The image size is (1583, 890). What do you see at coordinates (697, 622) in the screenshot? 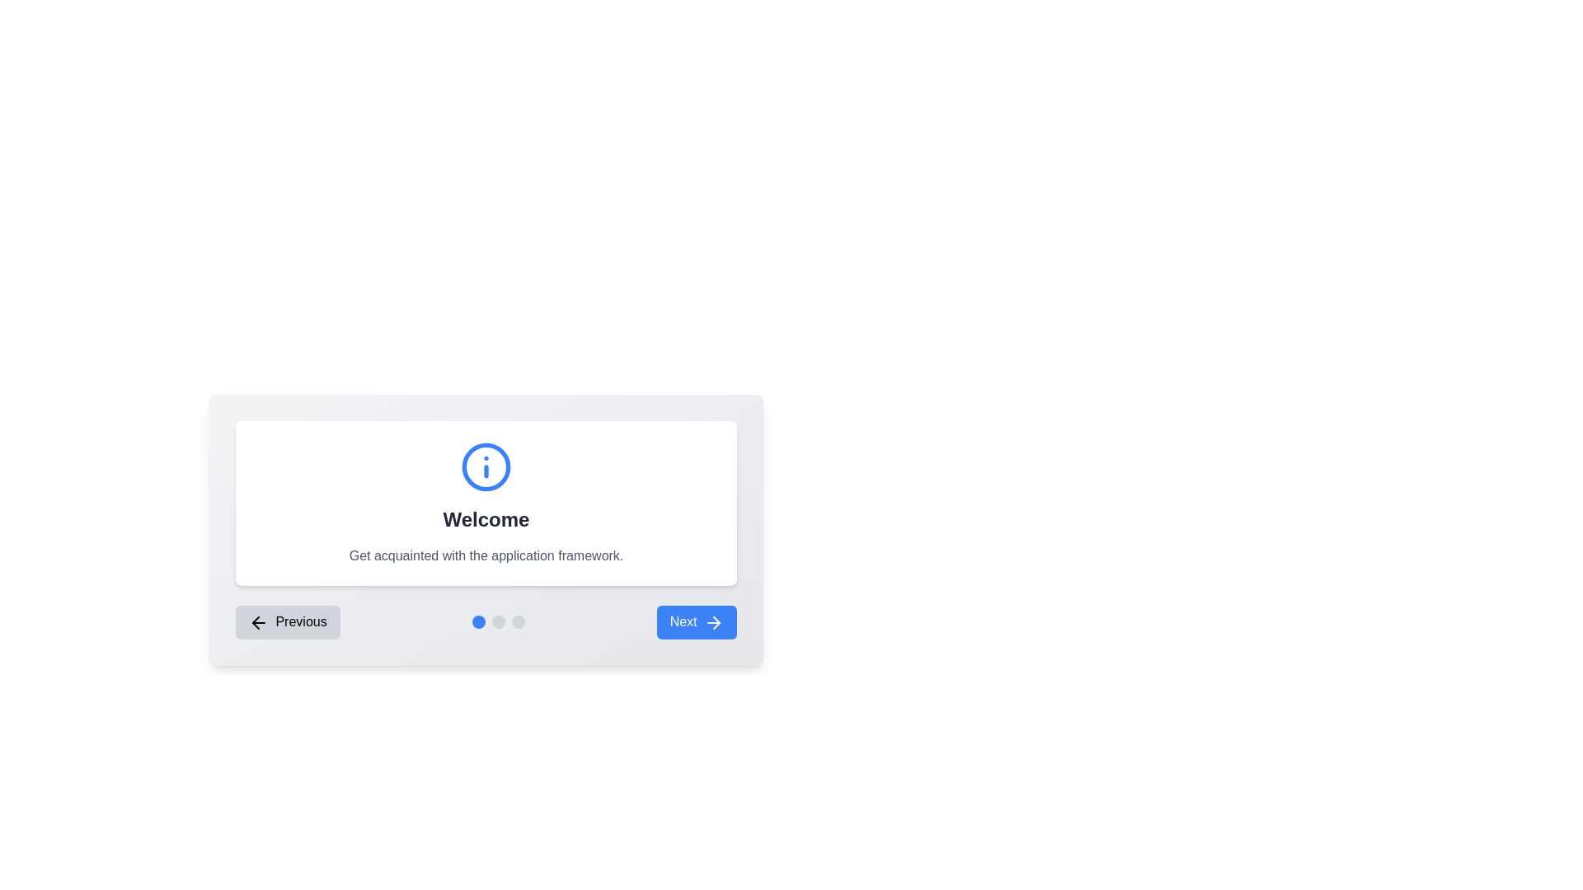
I see `the blue rectangular button labeled 'Next' with a right-pointing arrow icon` at bounding box center [697, 622].